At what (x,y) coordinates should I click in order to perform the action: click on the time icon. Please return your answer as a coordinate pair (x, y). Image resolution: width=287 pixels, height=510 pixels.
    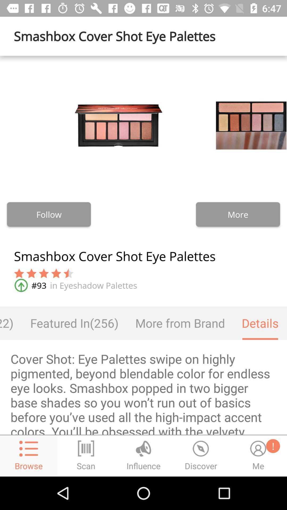
    Looking at the image, I should click on (201, 456).